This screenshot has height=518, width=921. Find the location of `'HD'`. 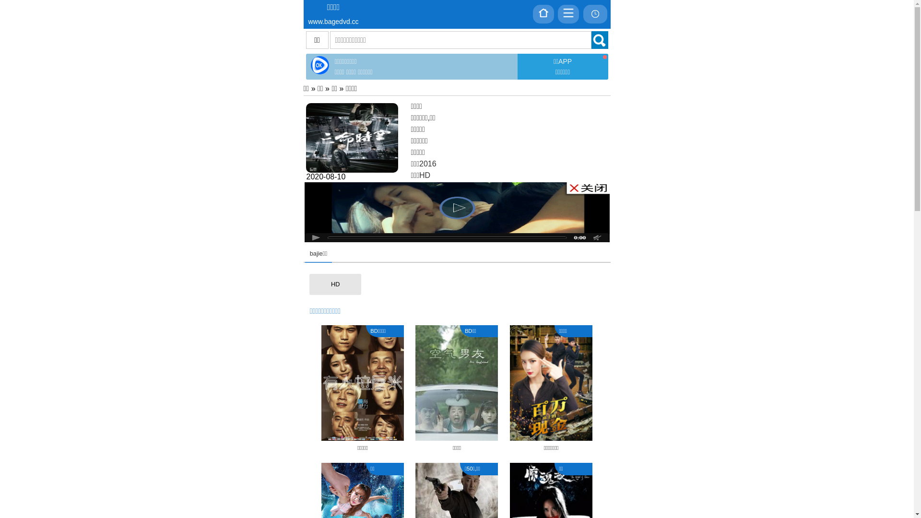

'HD' is located at coordinates (335, 284).